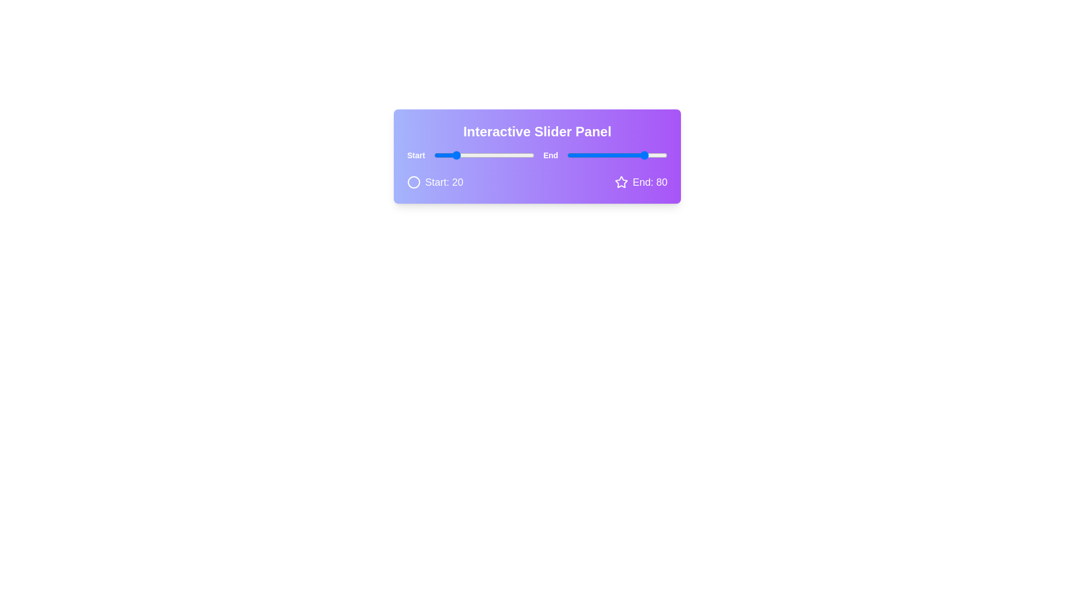 The width and height of the screenshot is (1077, 606). I want to click on the start slider, so click(513, 155).